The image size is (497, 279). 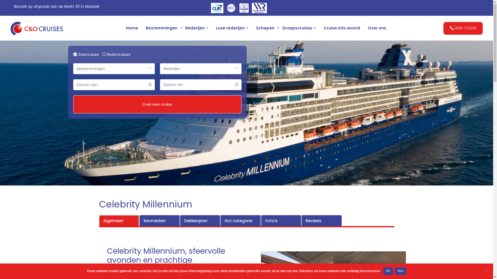 I want to click on 'Algemeen', so click(x=119, y=221).